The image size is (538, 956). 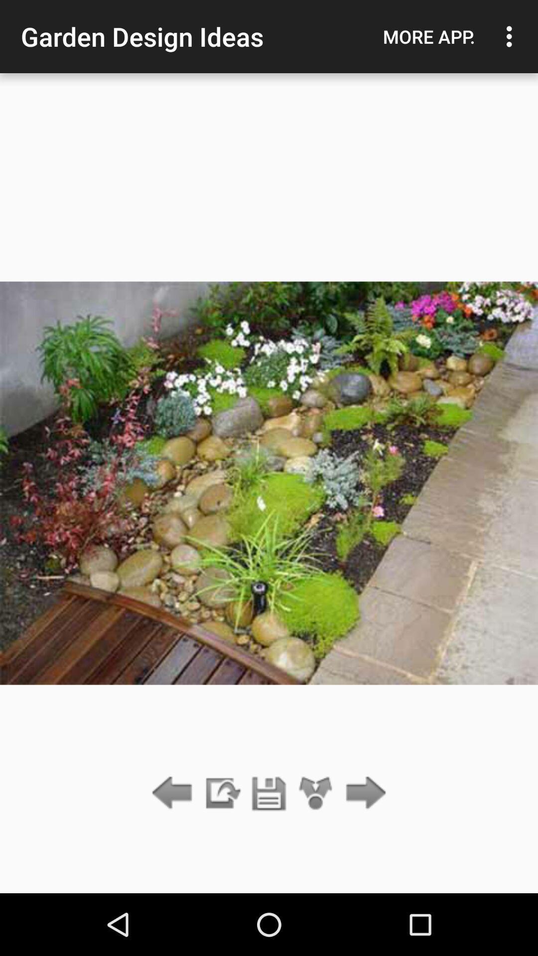 What do you see at coordinates (363, 793) in the screenshot?
I see `icon below more app. icon` at bounding box center [363, 793].